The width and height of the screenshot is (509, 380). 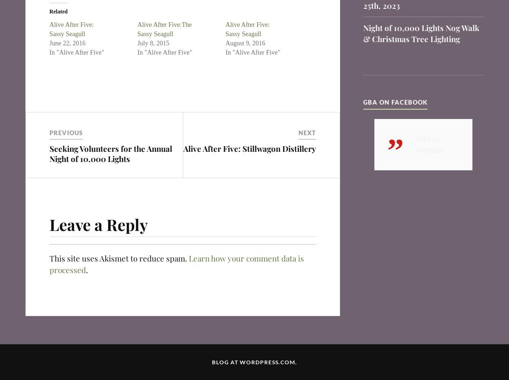 What do you see at coordinates (254, 362) in the screenshot?
I see `'Blog at WordPress.com.'` at bounding box center [254, 362].